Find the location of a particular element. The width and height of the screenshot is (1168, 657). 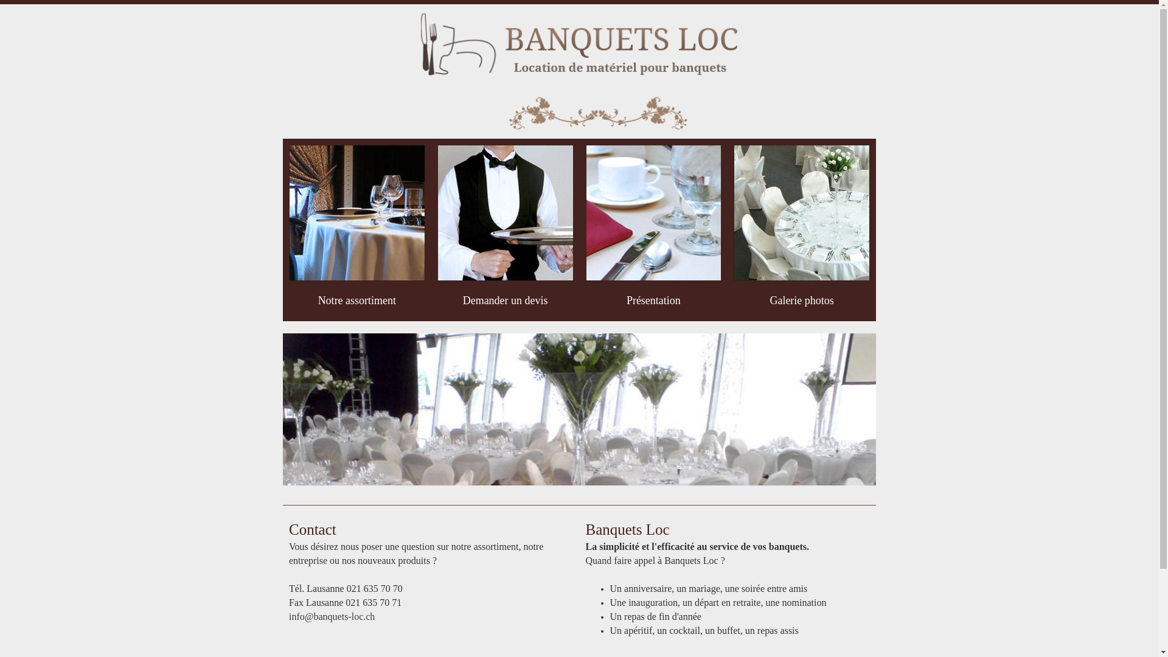

'info@banquets-loc.ch' is located at coordinates (332, 616).